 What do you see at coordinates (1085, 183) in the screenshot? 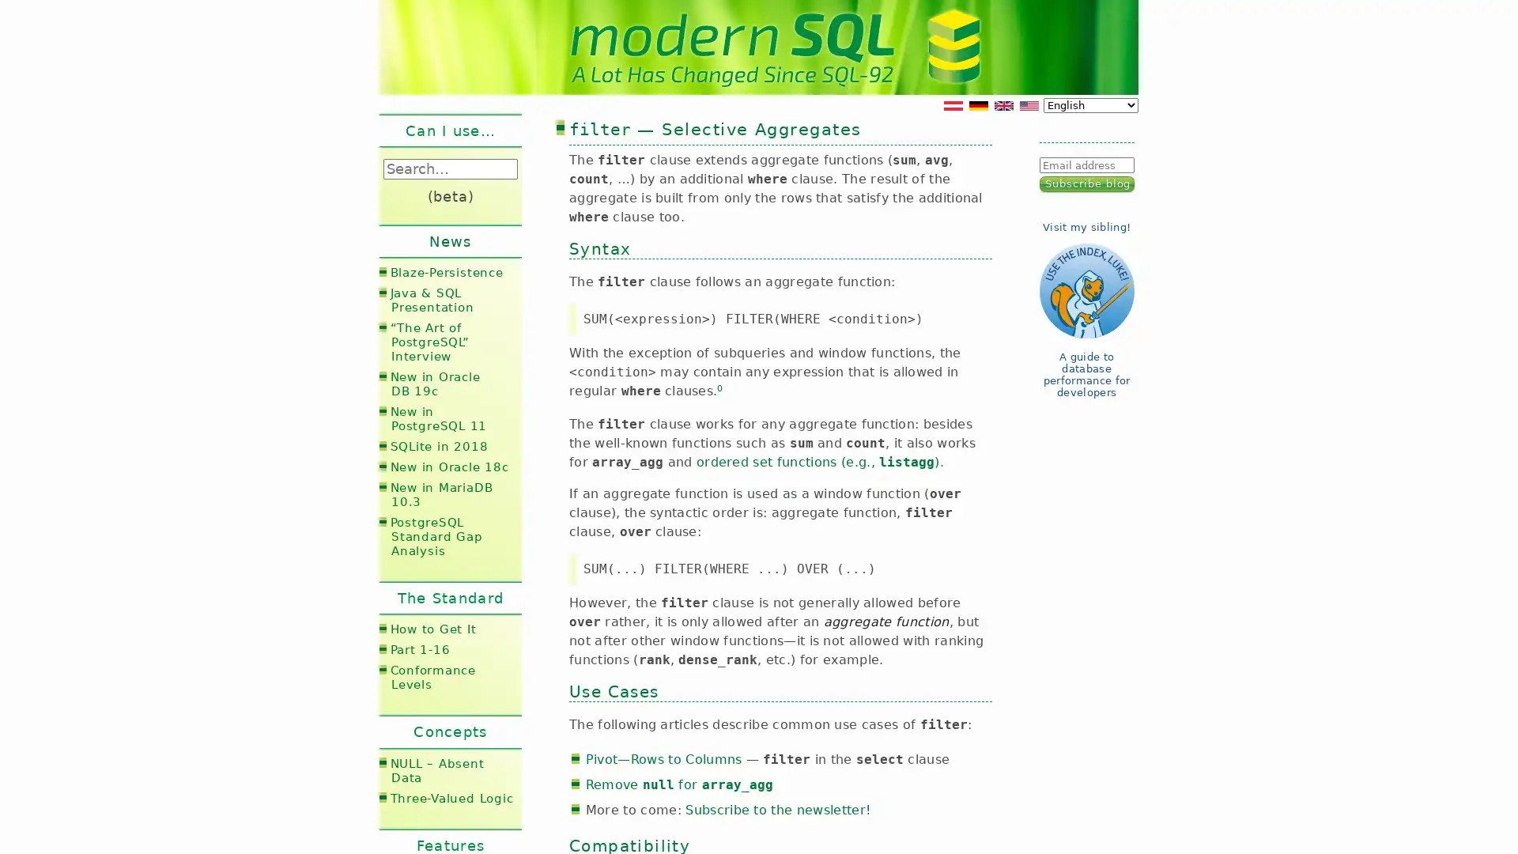
I see `Subscribe blog` at bounding box center [1085, 183].